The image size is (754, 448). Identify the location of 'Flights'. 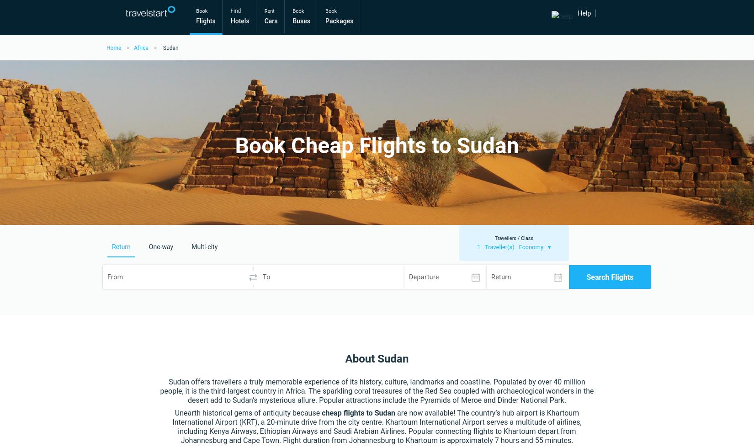
(205, 21).